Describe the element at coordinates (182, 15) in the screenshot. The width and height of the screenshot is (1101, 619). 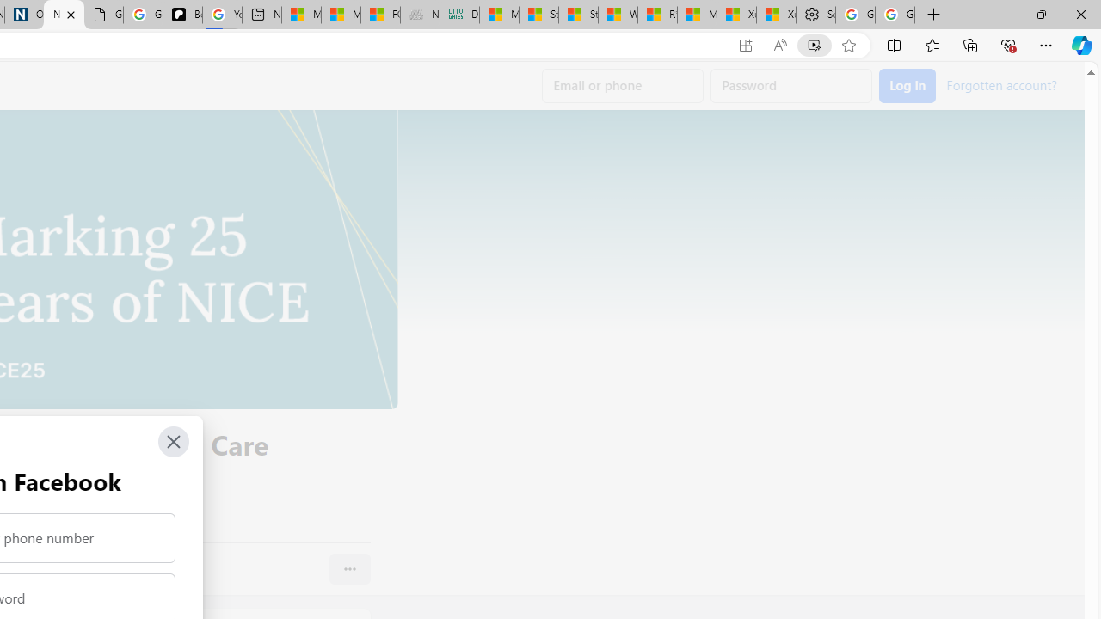
I see `'Be Smart | creating Science videos | Patreon'` at that location.